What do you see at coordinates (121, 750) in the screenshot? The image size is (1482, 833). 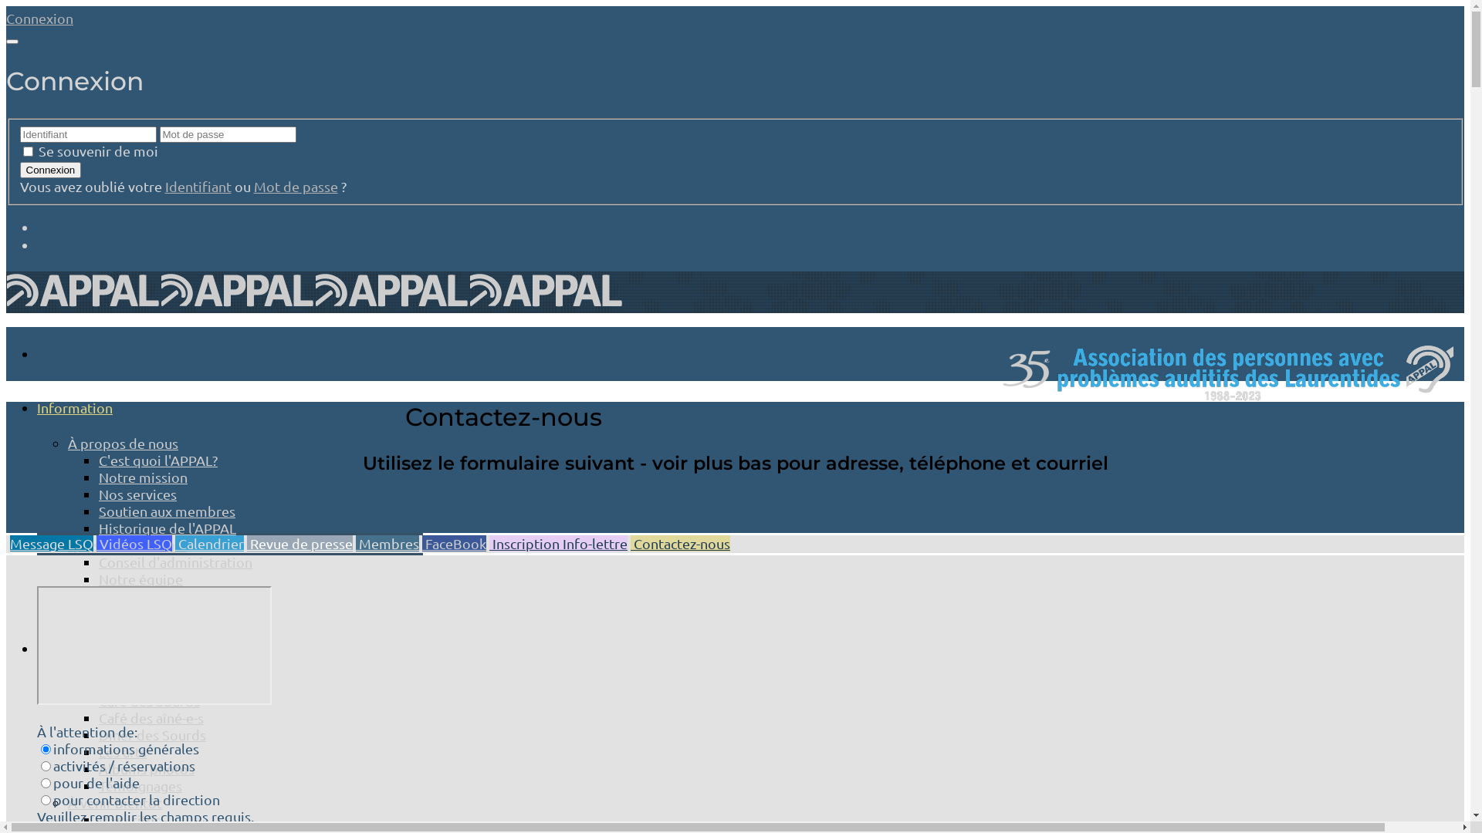 I see `'Les arts'` at bounding box center [121, 750].